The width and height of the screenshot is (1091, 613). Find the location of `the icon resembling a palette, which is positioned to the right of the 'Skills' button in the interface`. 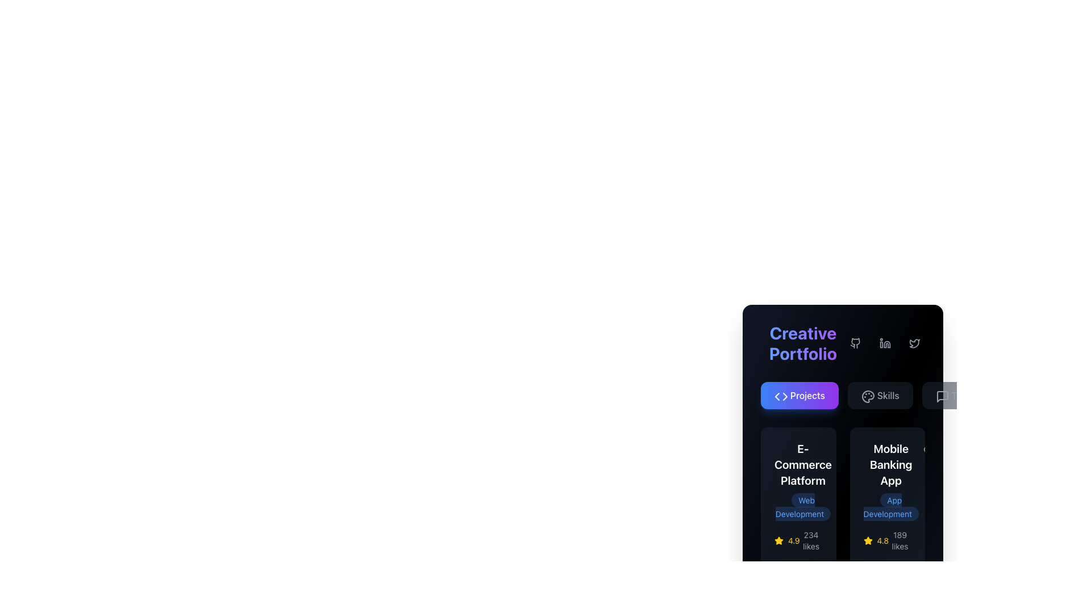

the icon resembling a palette, which is positioned to the right of the 'Skills' button in the interface is located at coordinates (867, 396).